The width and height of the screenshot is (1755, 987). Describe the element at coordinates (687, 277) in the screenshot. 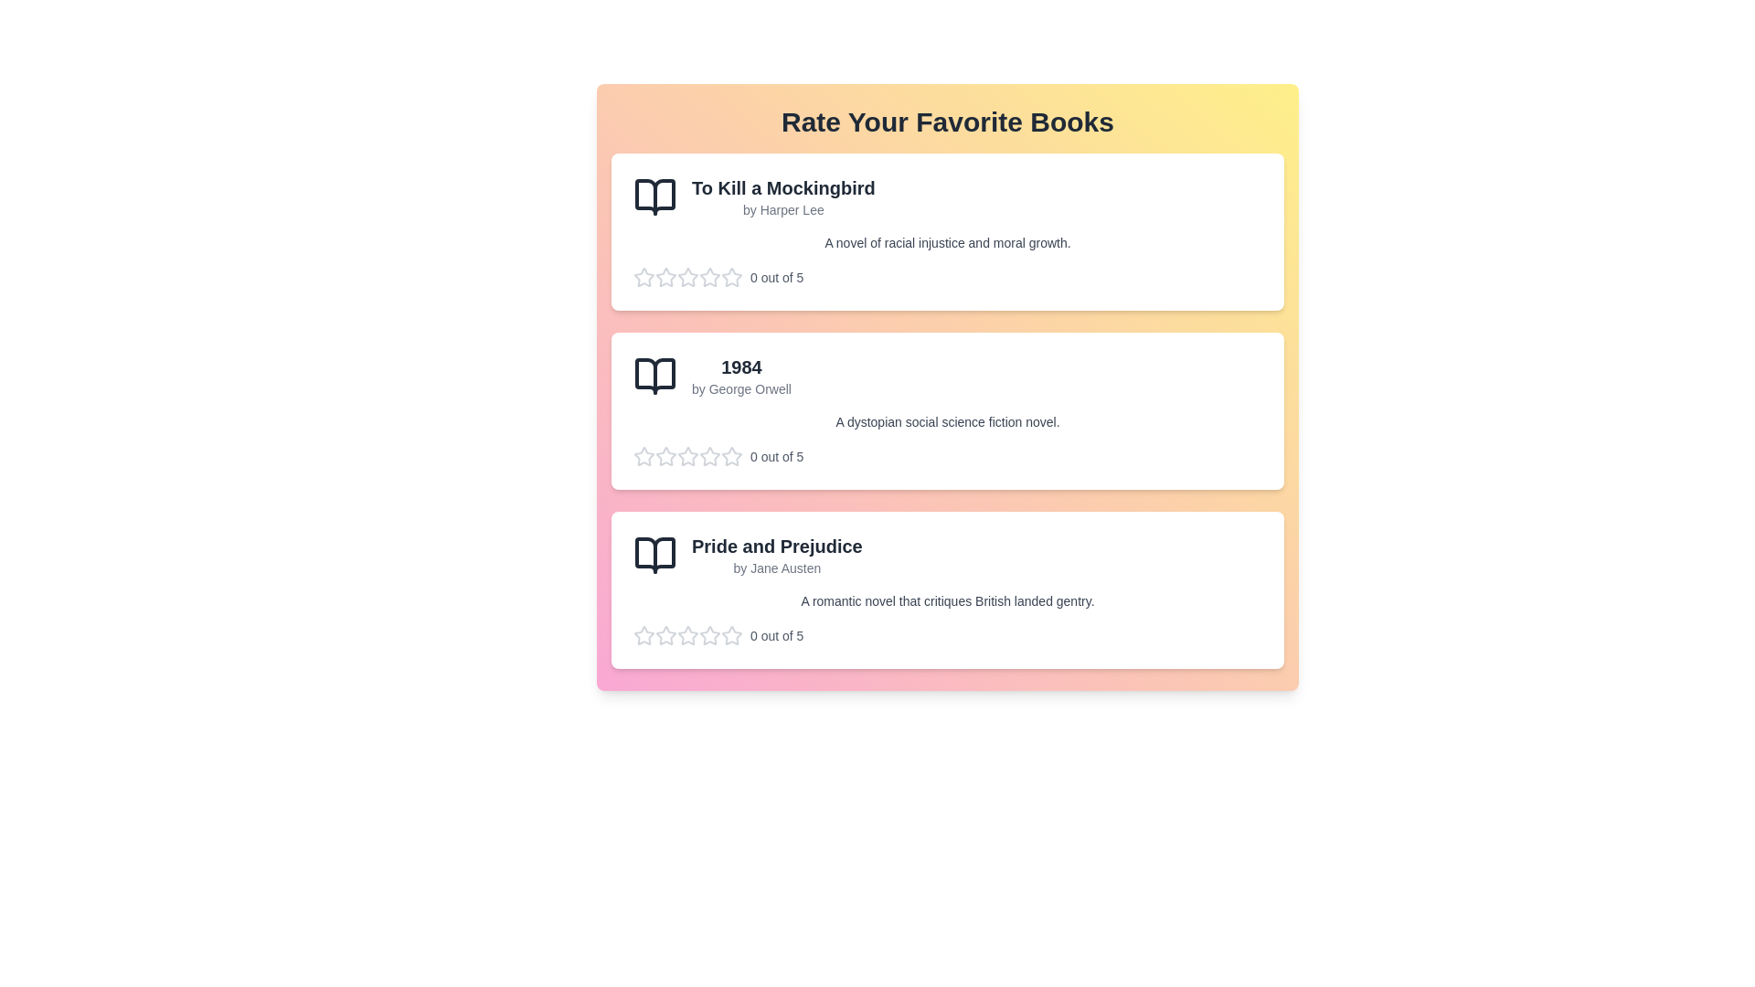

I see `the first star icon` at that location.